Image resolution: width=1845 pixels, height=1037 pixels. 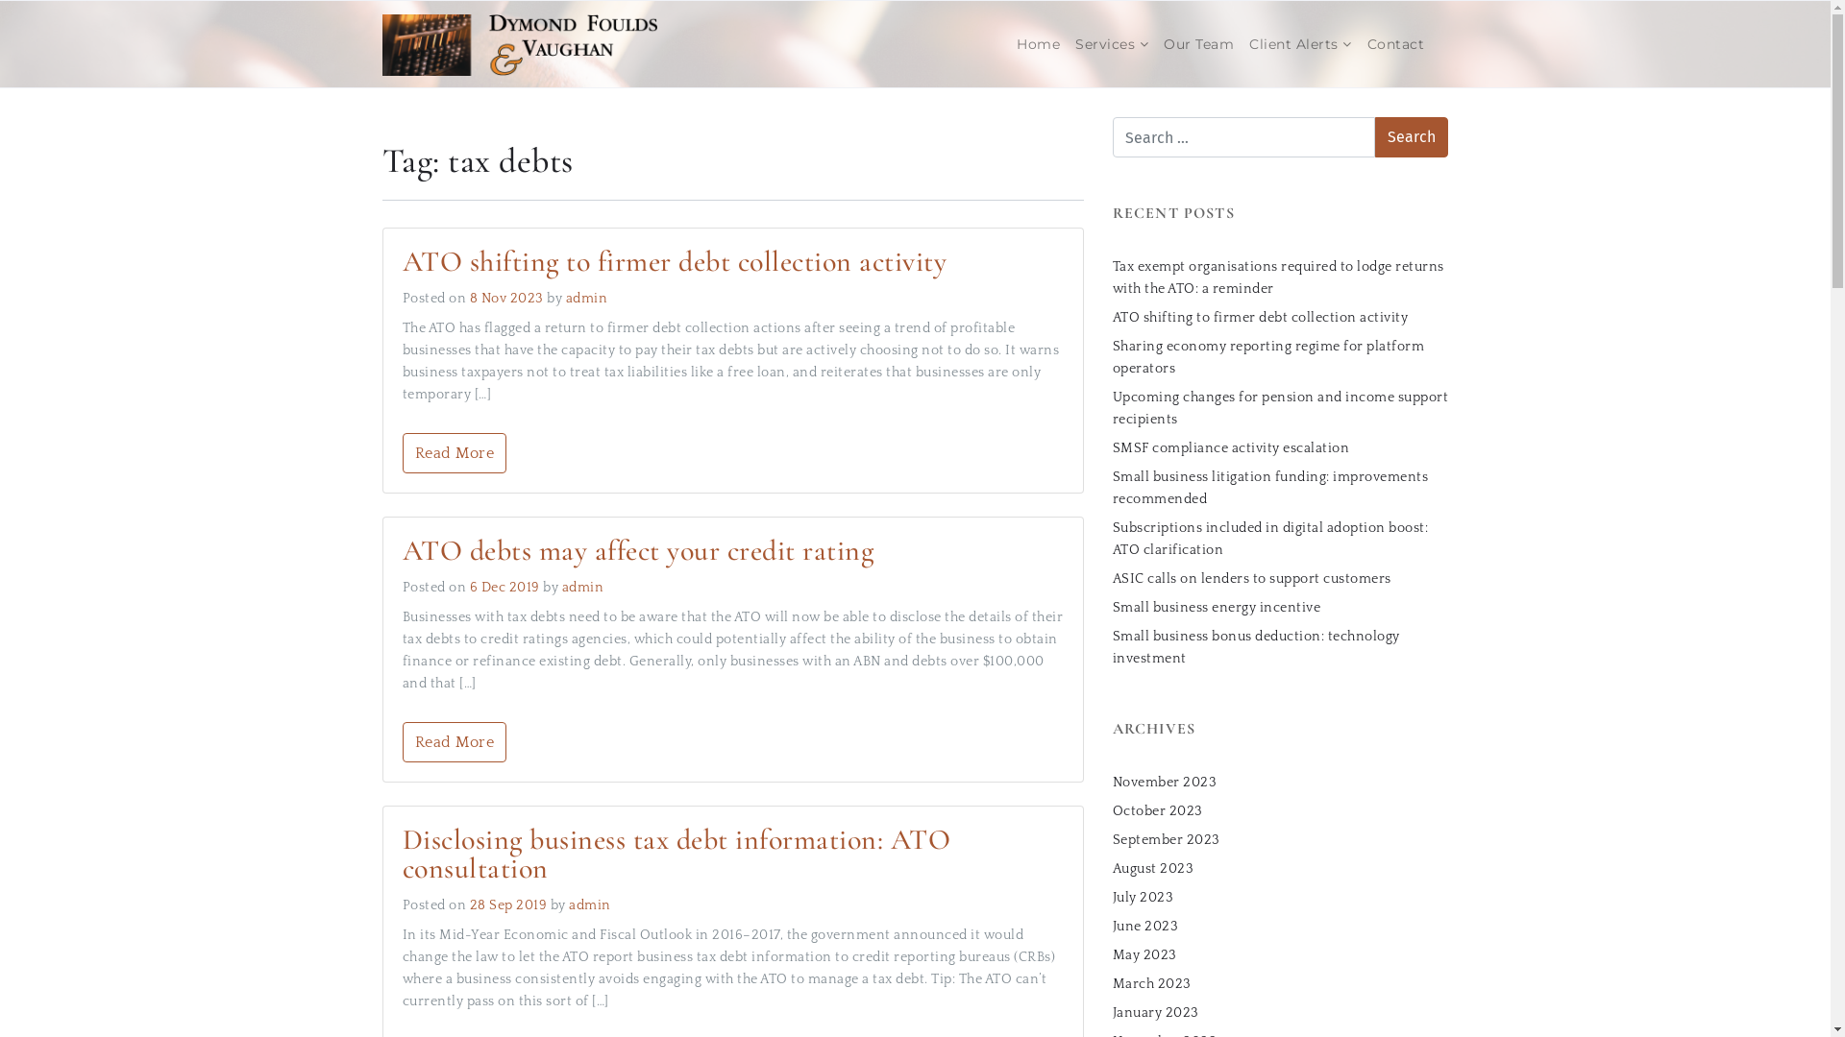 What do you see at coordinates (1411, 135) in the screenshot?
I see `'Search'` at bounding box center [1411, 135].